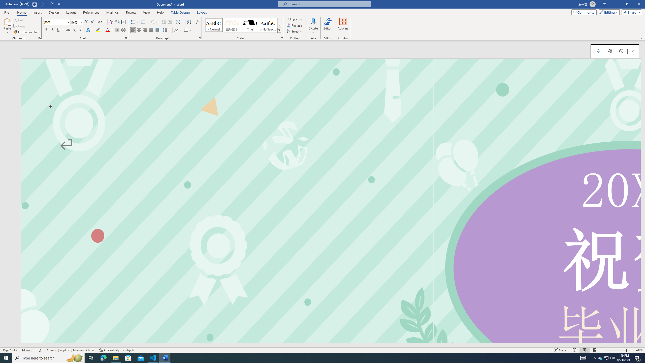 This screenshot has height=363, width=645. What do you see at coordinates (632, 350) in the screenshot?
I see `'Zoom In'` at bounding box center [632, 350].